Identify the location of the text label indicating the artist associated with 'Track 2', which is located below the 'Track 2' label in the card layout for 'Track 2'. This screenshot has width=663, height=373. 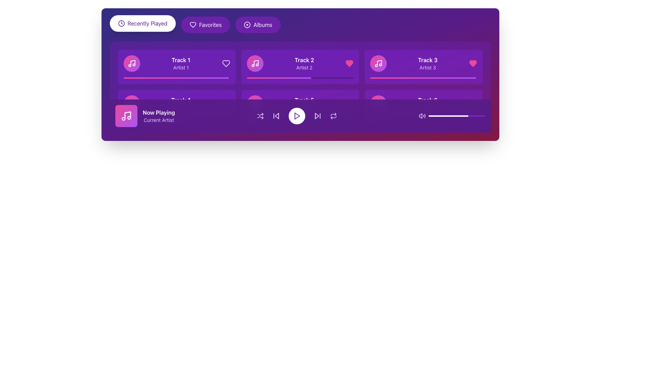
(304, 68).